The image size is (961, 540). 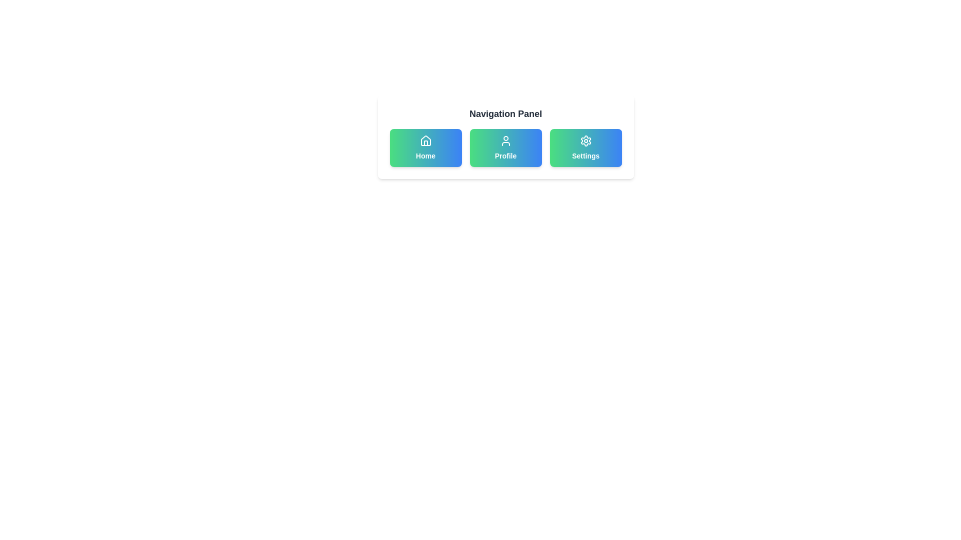 I want to click on the gear-like icon located within the 'Settings' button in the navigation panel, so click(x=586, y=140).